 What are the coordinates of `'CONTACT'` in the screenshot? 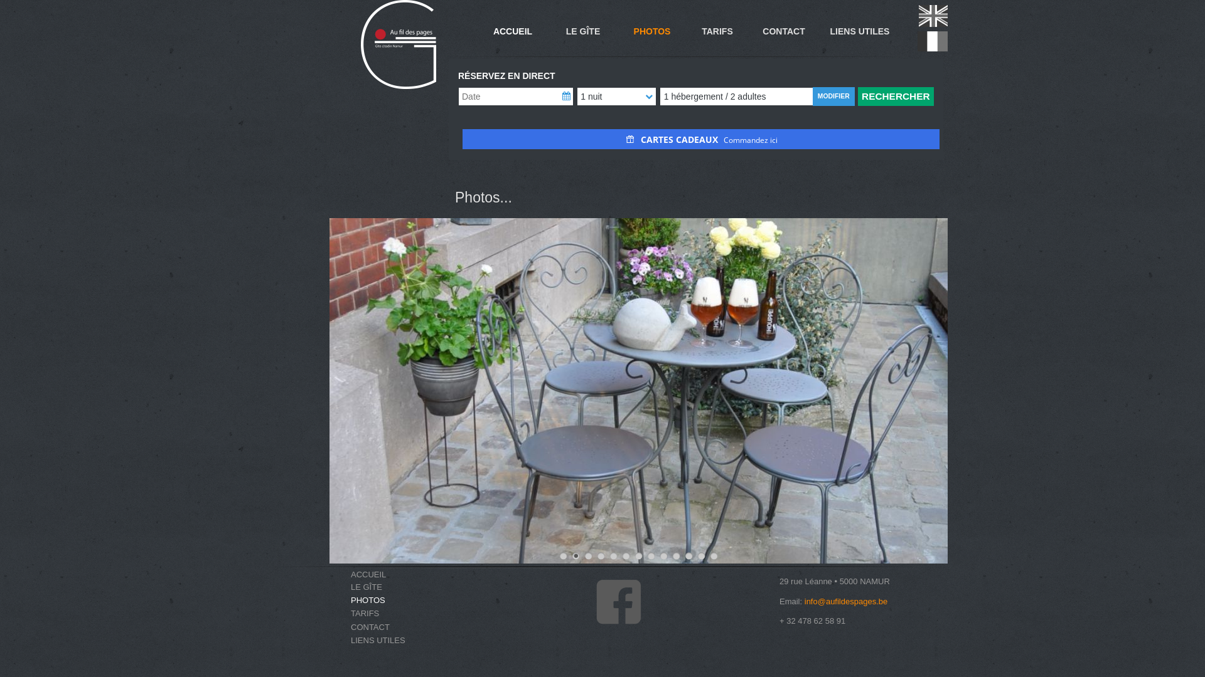 It's located at (350, 626).